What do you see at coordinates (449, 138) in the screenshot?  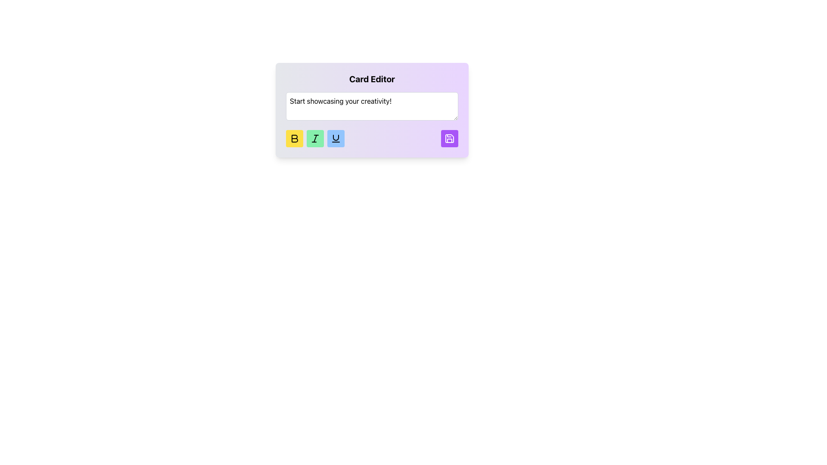 I see `top-left component of the save icon, which resembles a diskette symbol, located at the bottom-right corner of the card editor panel` at bounding box center [449, 138].